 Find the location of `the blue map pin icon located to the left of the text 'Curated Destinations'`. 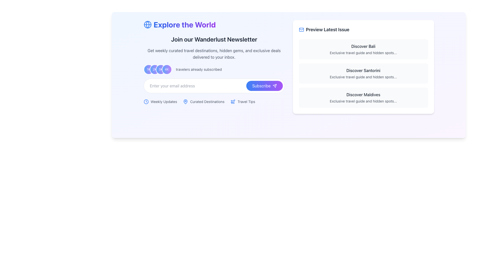

the blue map pin icon located to the left of the text 'Curated Destinations' is located at coordinates (185, 102).